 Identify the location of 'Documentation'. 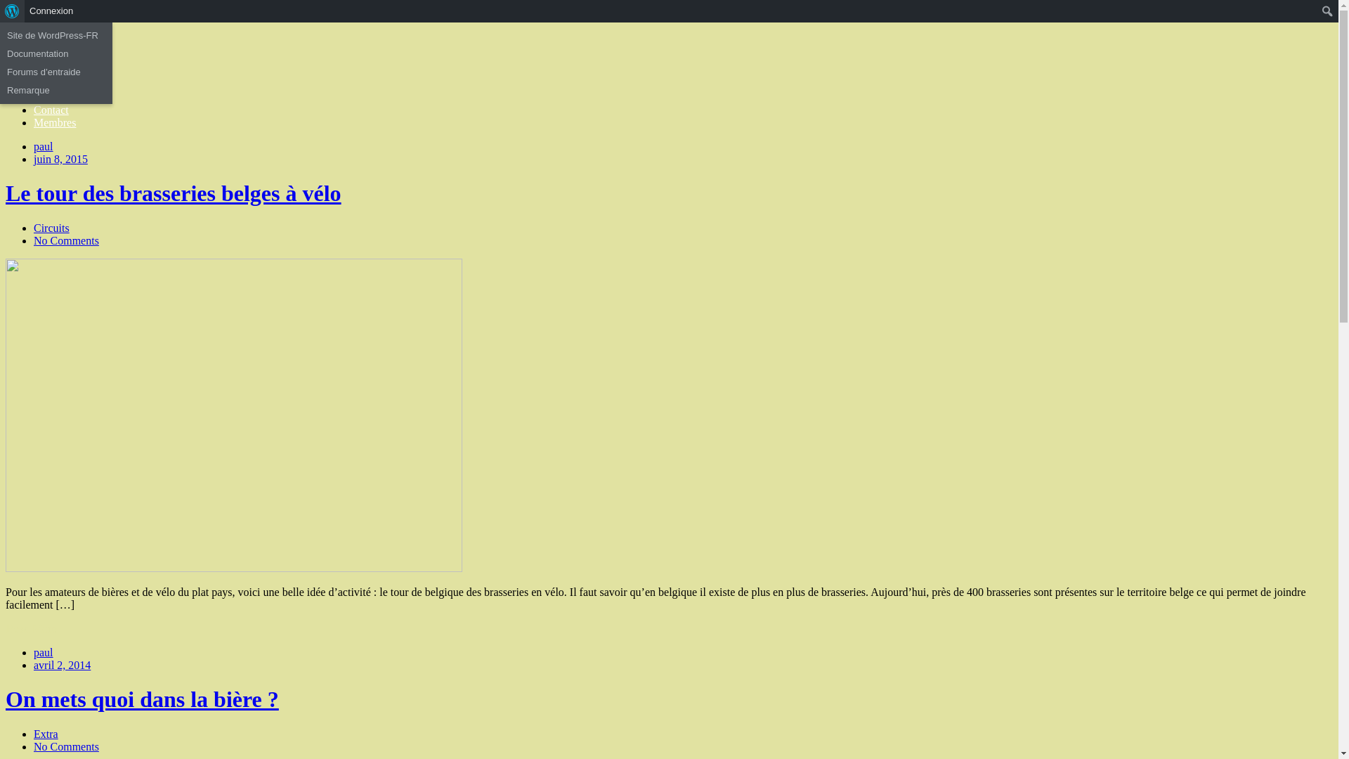
(56, 53).